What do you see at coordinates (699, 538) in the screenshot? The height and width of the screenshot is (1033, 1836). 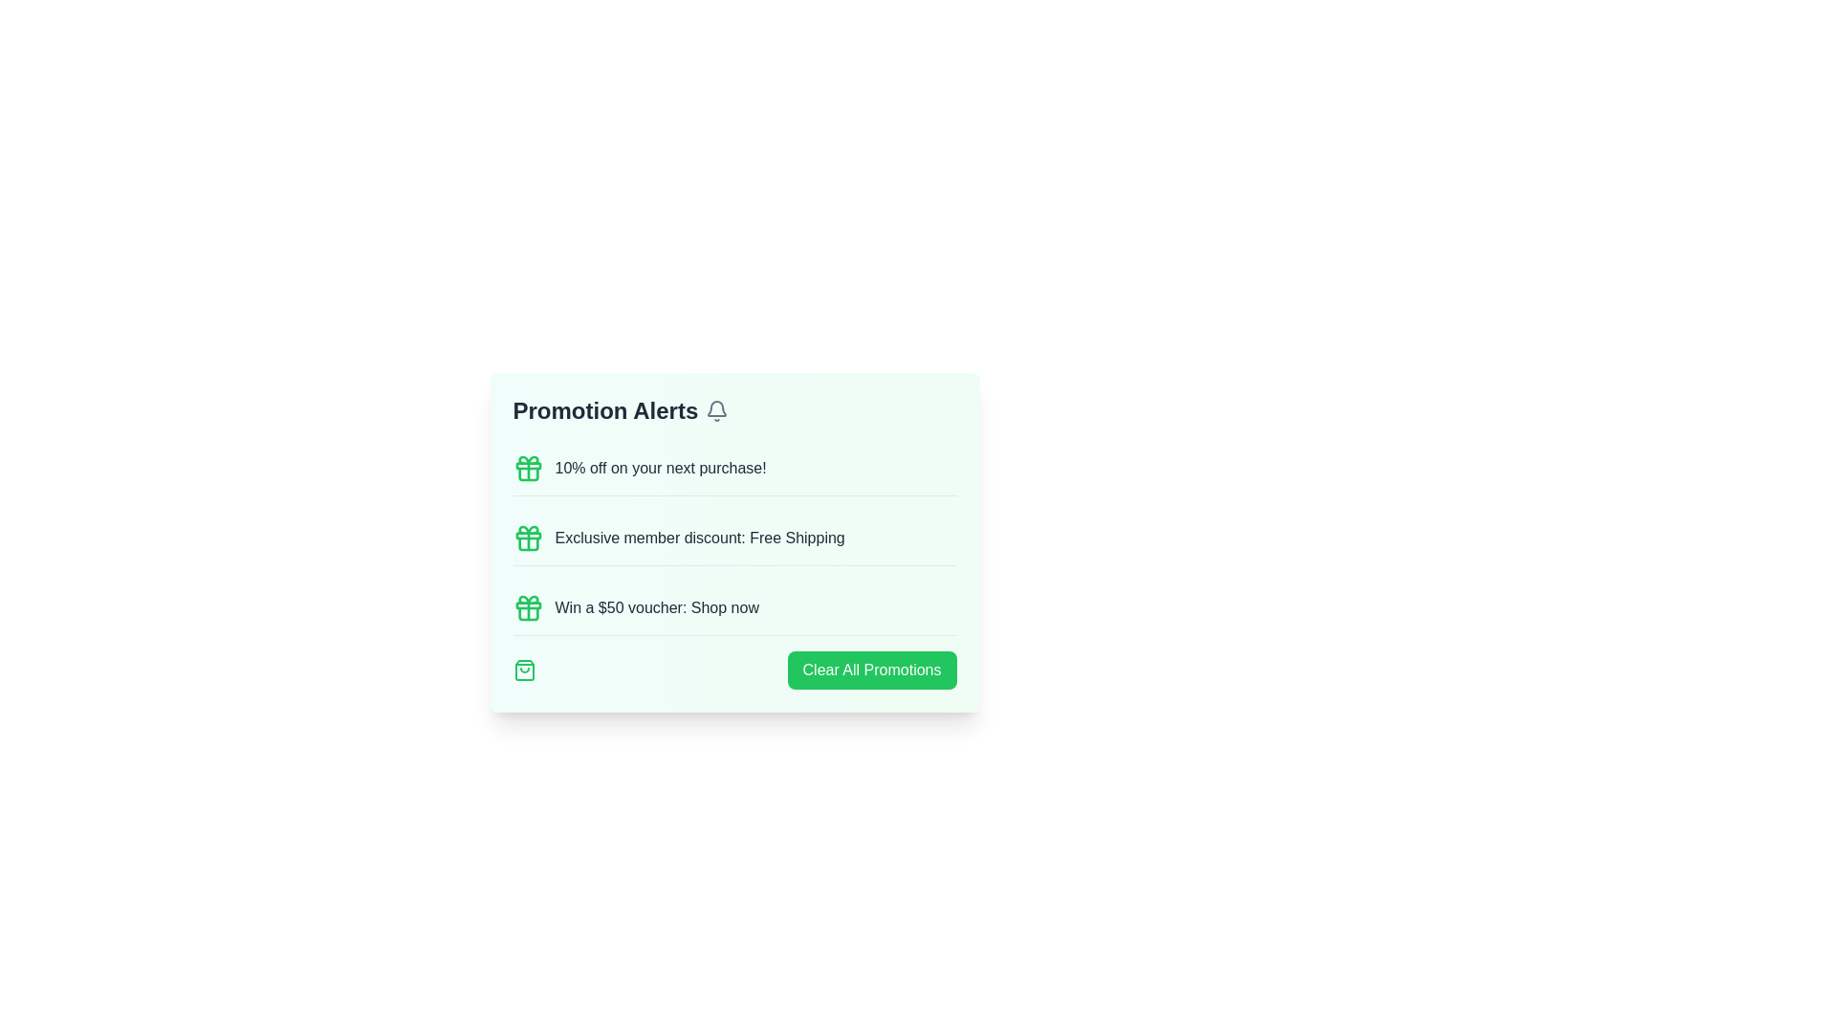 I see `the informational text label displaying promotion details, located in the second row of the 'Promotion Alerts' section, below '10% off on your next purchase!' and above 'Win a $50 voucher: Shop now'` at bounding box center [699, 538].